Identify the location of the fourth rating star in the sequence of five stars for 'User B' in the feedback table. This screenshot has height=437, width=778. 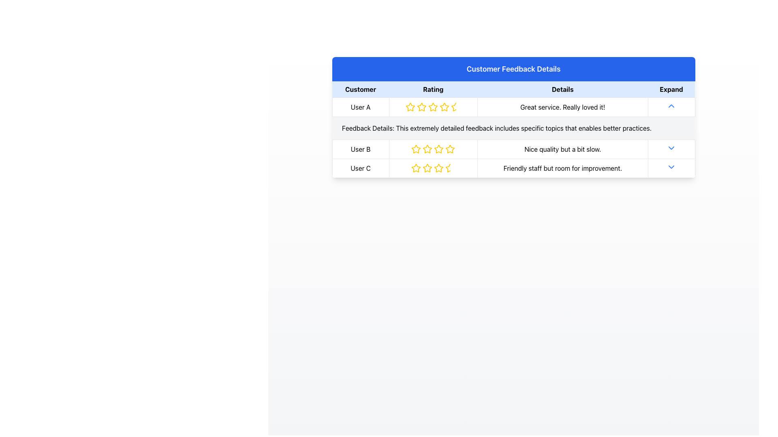
(449, 148).